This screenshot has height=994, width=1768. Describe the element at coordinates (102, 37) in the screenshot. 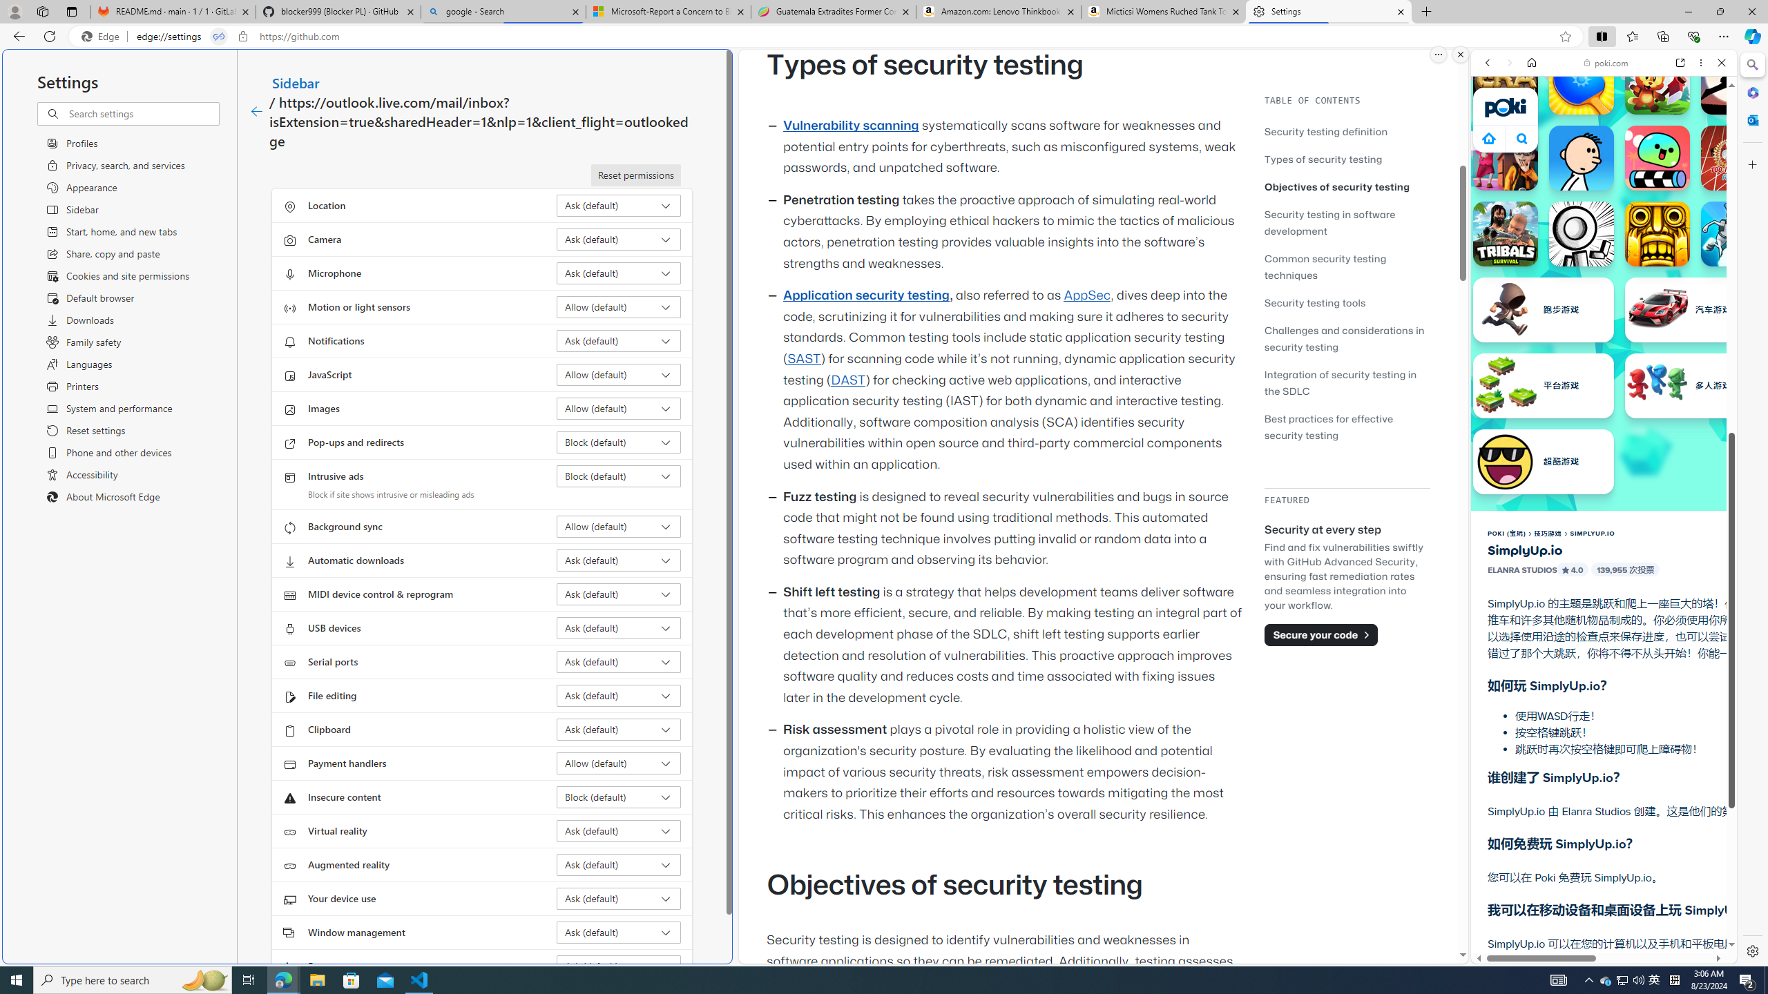

I see `'Edge'` at that location.